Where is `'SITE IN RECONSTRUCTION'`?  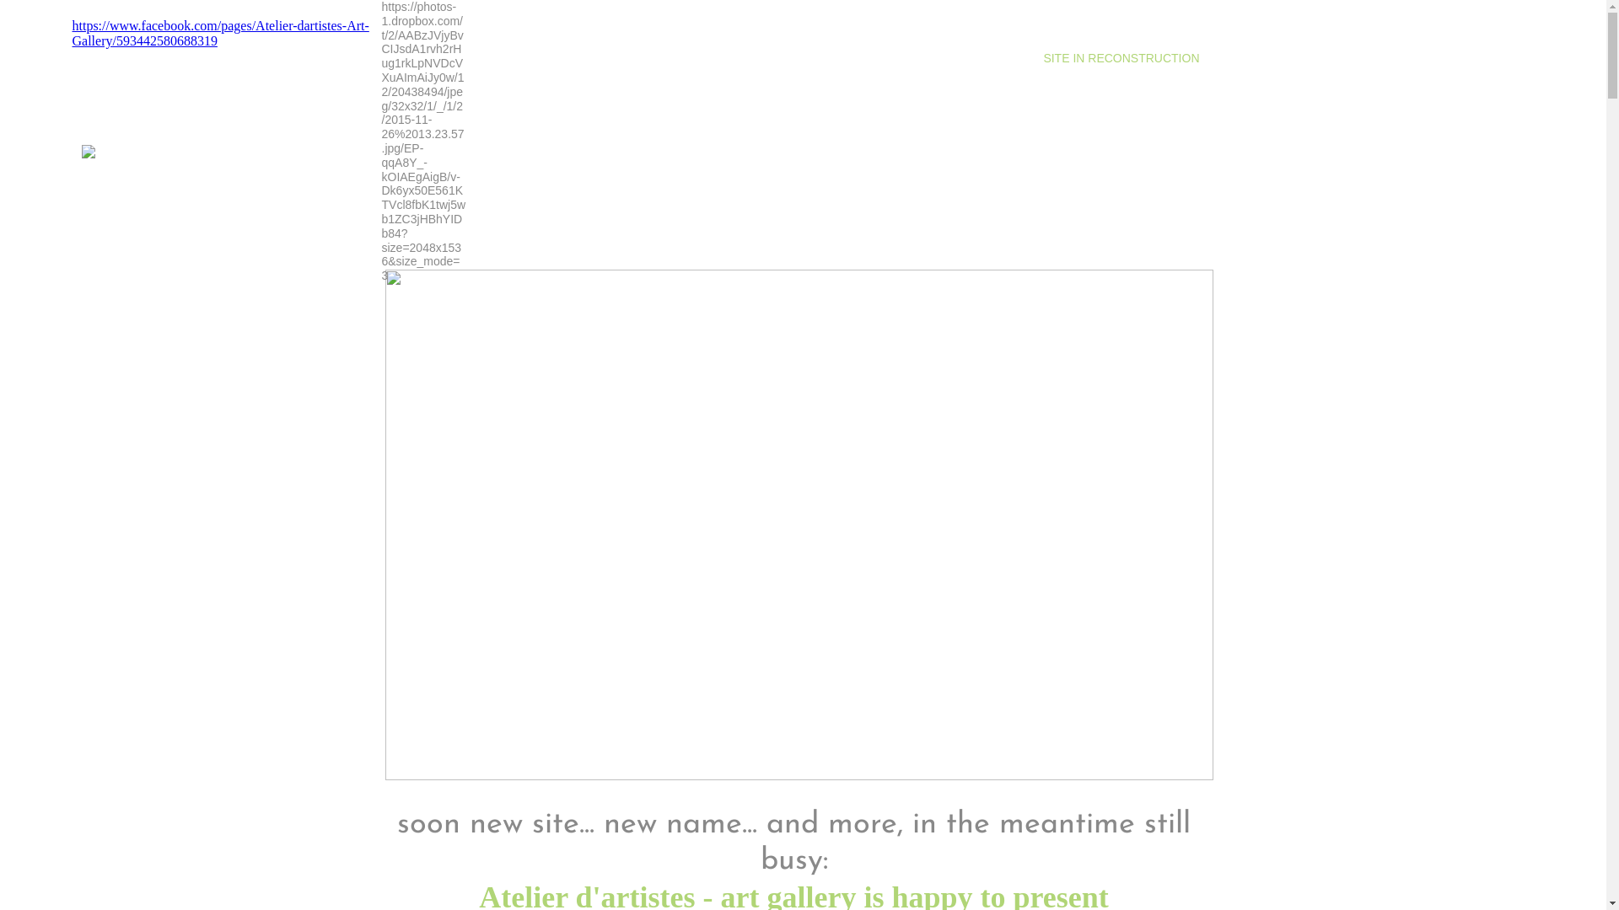
'SITE IN RECONSTRUCTION' is located at coordinates (1121, 57).